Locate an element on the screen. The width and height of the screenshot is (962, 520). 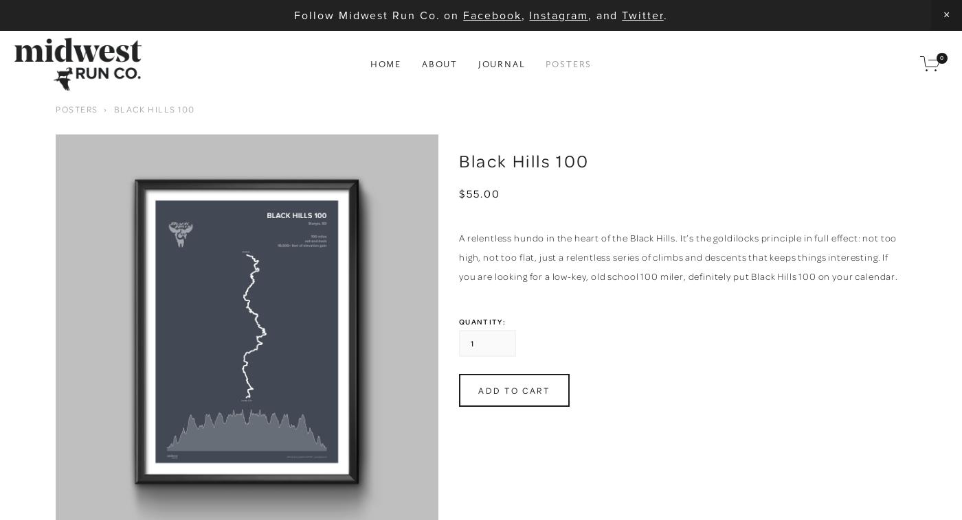
'Quantity:' is located at coordinates (481, 320).